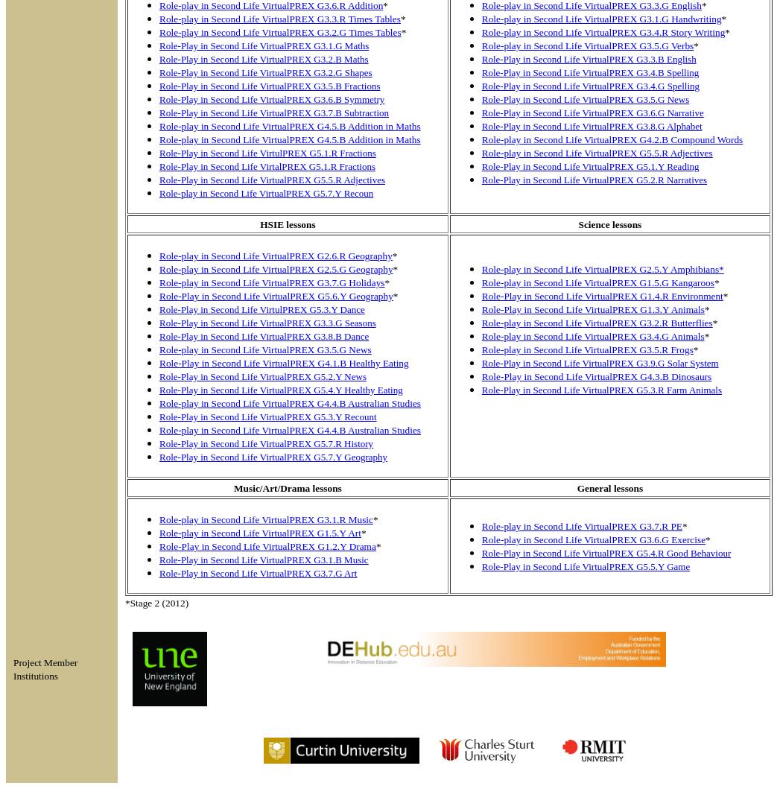 This screenshot has height=789, width=780. What do you see at coordinates (159, 533) in the screenshot?
I see `'Role-play in Second Life VirtualPREX G1.5.Y Art'` at bounding box center [159, 533].